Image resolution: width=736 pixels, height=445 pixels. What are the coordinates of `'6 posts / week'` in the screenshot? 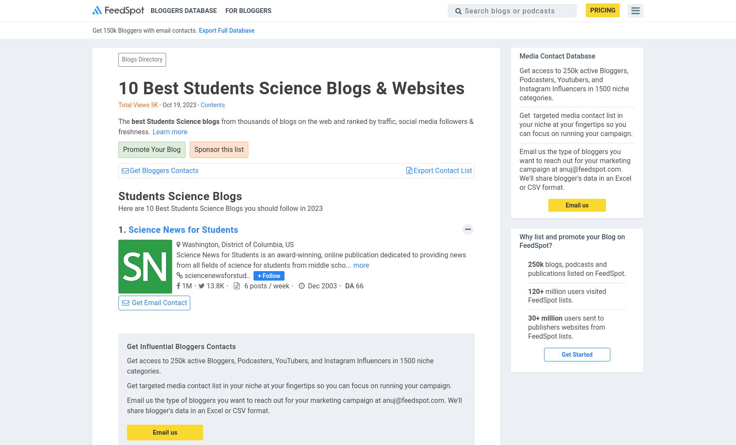 It's located at (266, 286).